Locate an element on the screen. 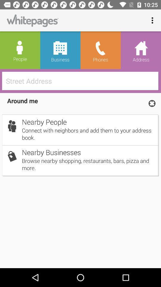  the item next to around me item is located at coordinates (152, 103).